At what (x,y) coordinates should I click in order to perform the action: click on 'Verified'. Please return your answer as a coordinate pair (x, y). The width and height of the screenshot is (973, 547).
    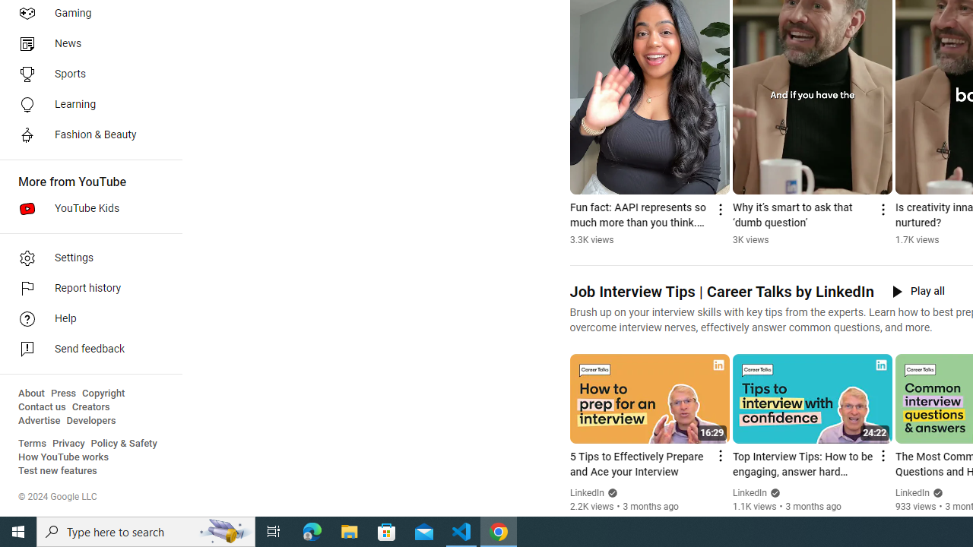
    Looking at the image, I should click on (936, 492).